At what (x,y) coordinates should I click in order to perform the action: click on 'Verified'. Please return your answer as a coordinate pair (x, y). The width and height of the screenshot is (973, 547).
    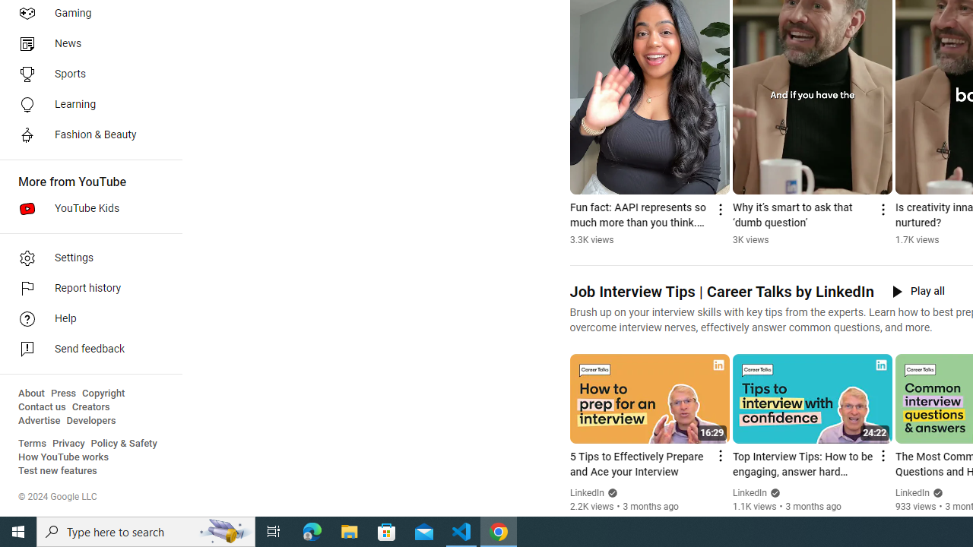
    Looking at the image, I should click on (936, 492).